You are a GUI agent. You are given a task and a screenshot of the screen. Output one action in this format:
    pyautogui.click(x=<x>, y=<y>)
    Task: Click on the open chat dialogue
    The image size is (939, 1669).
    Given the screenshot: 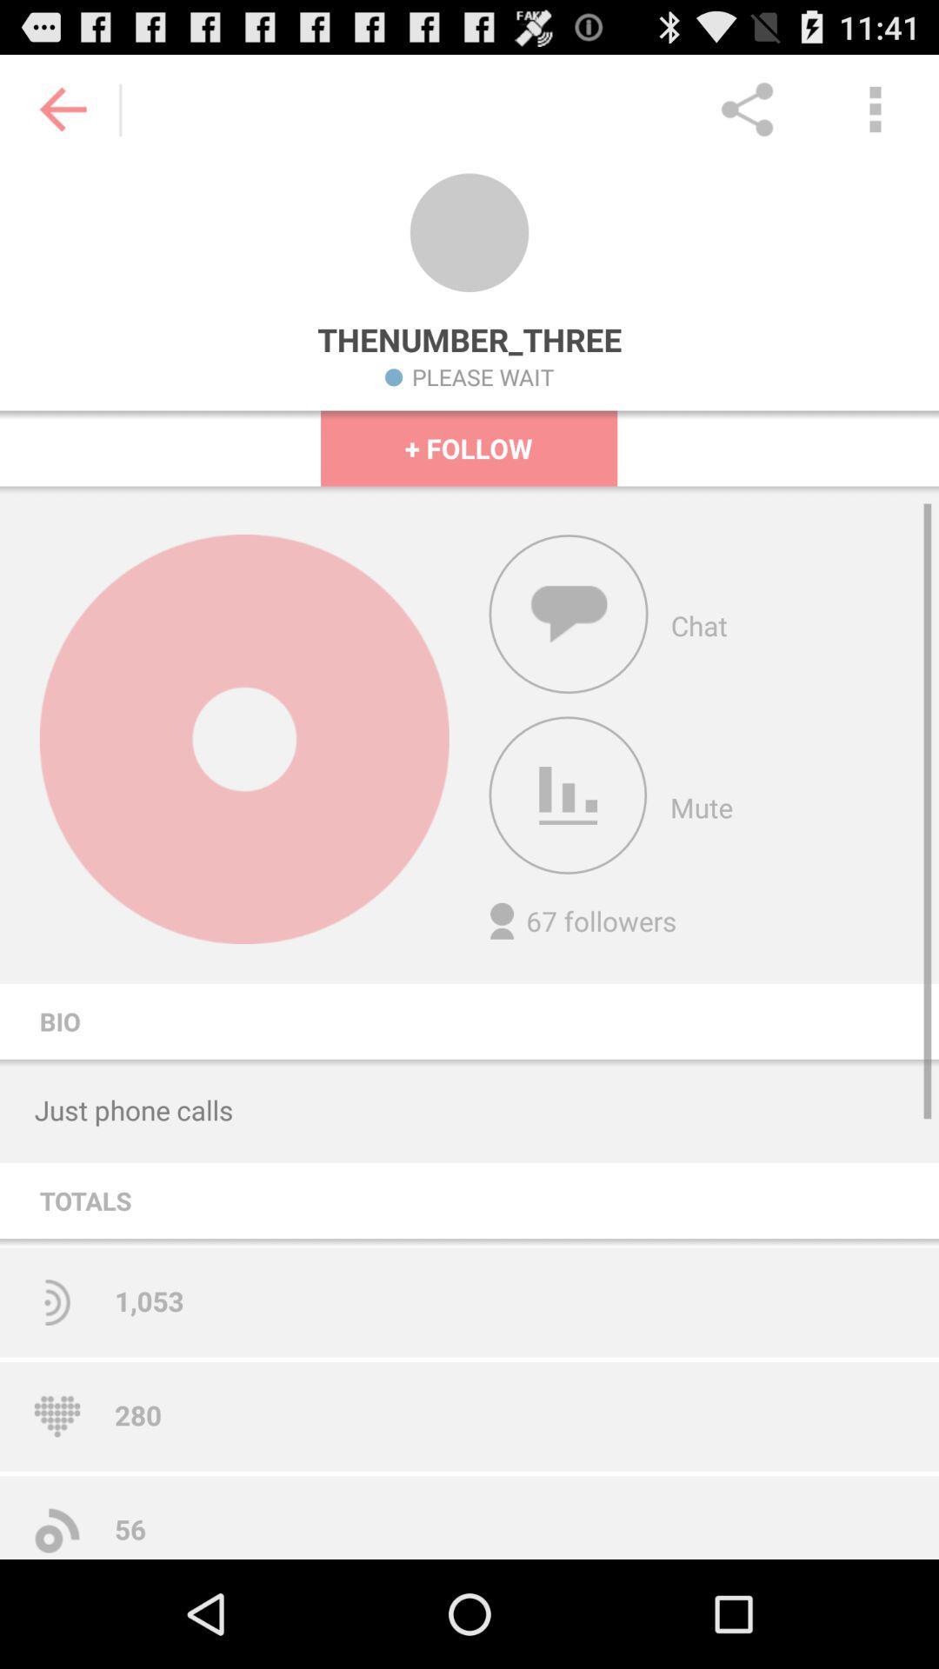 What is the action you would take?
    pyautogui.click(x=569, y=614)
    